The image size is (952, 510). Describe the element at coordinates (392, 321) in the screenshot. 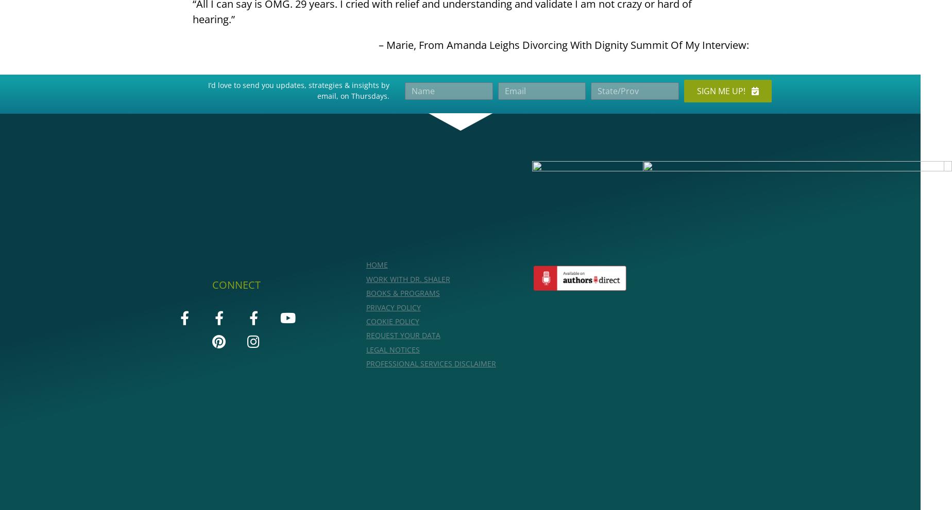

I see `'Cookie Policy'` at that location.